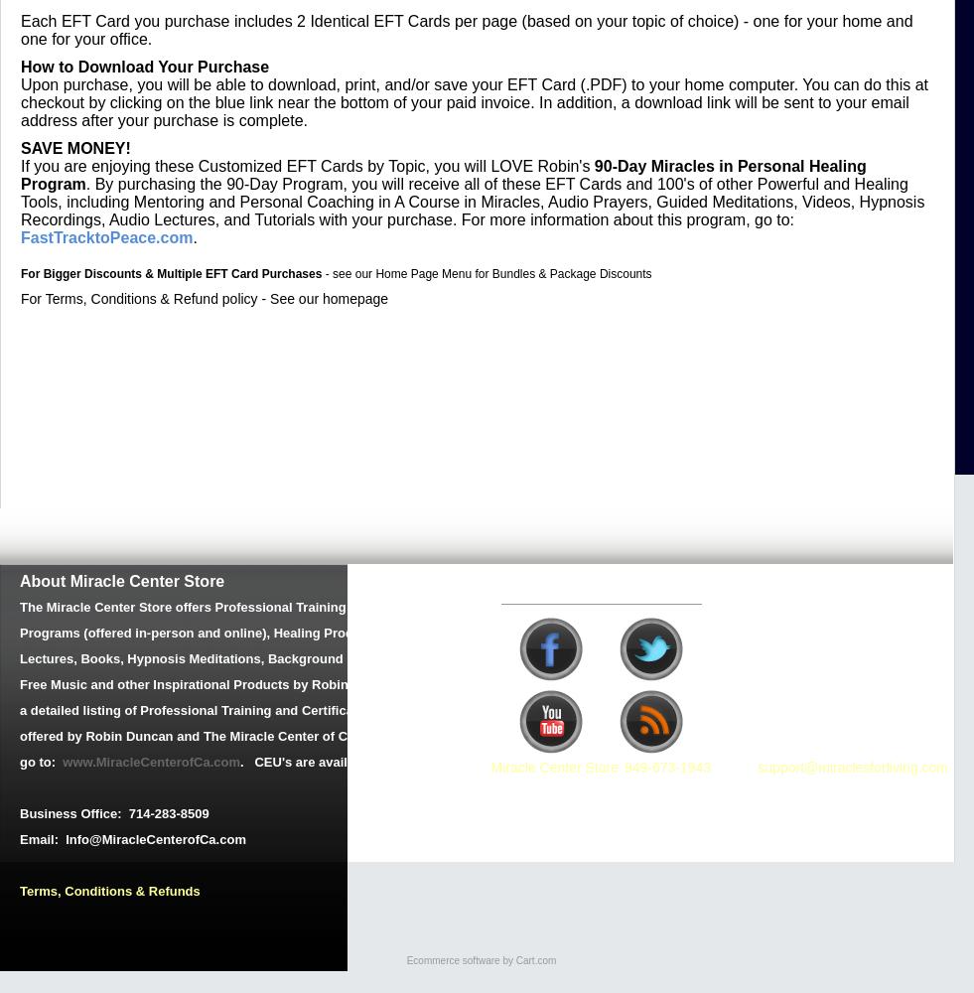  Describe the element at coordinates (19, 580) in the screenshot. I see `'About Miracle Center Store'` at that location.